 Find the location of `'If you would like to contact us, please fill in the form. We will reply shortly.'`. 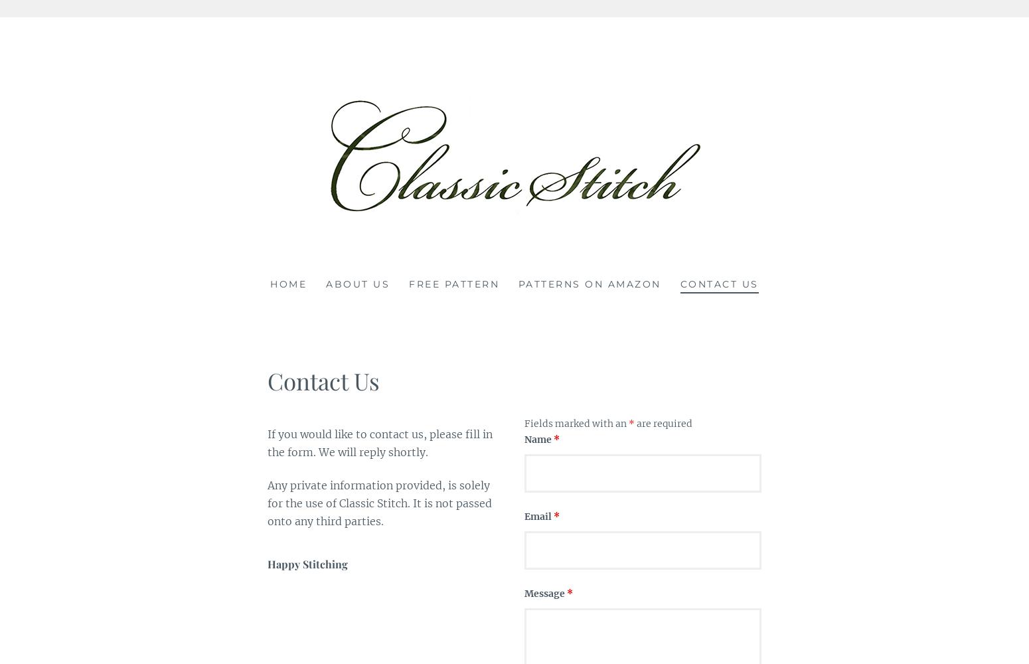

'If you would like to contact us, please fill in the form. We will reply shortly.' is located at coordinates (380, 443).